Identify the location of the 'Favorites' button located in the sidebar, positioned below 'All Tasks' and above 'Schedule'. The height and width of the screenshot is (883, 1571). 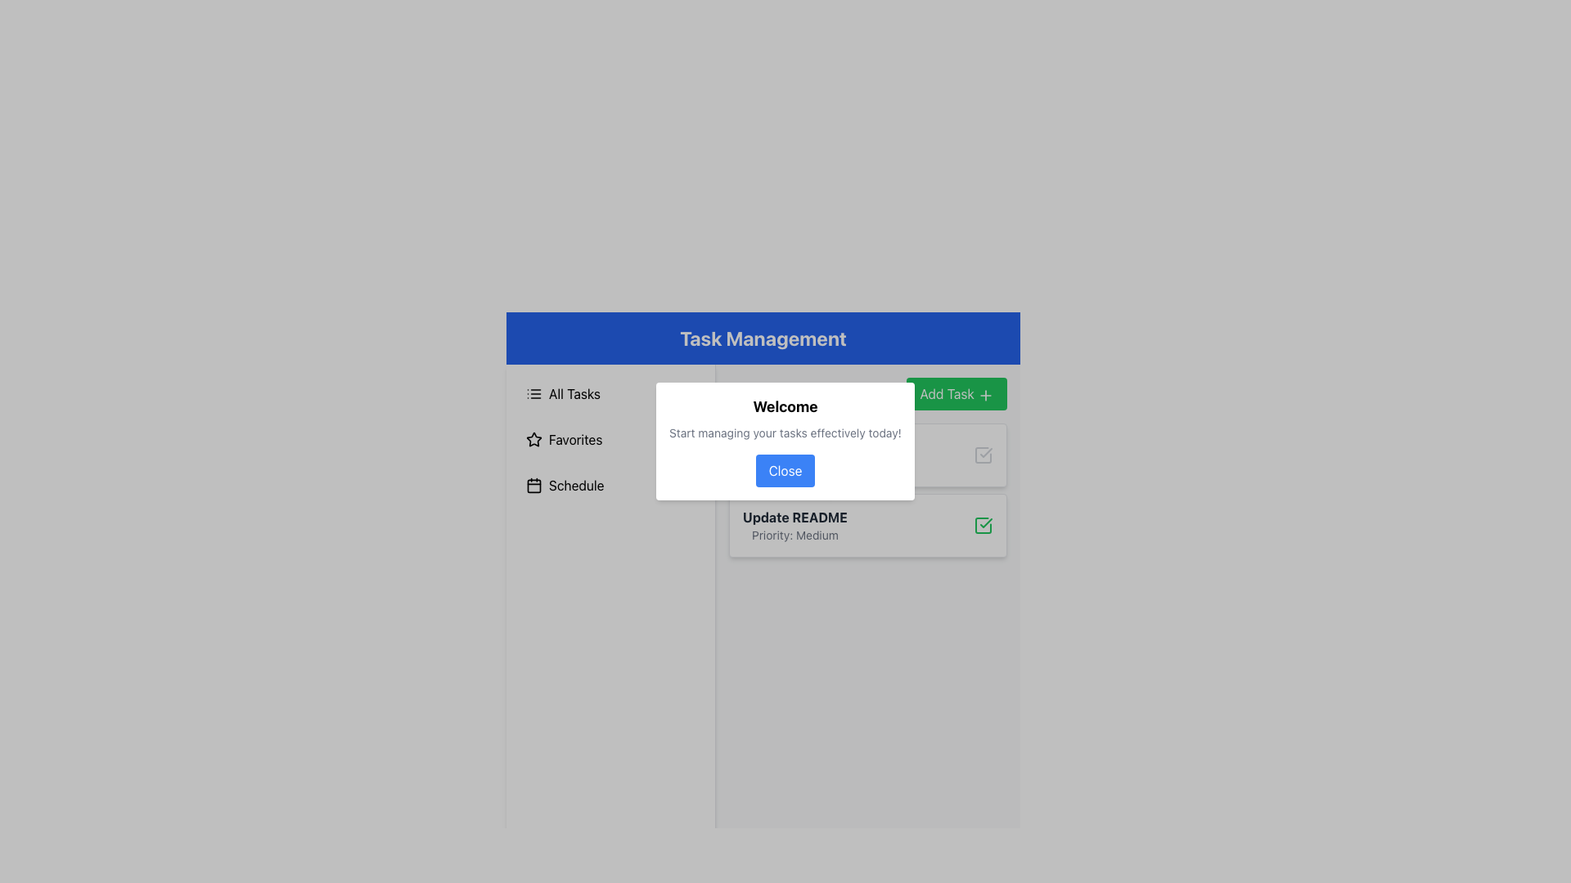
(564, 438).